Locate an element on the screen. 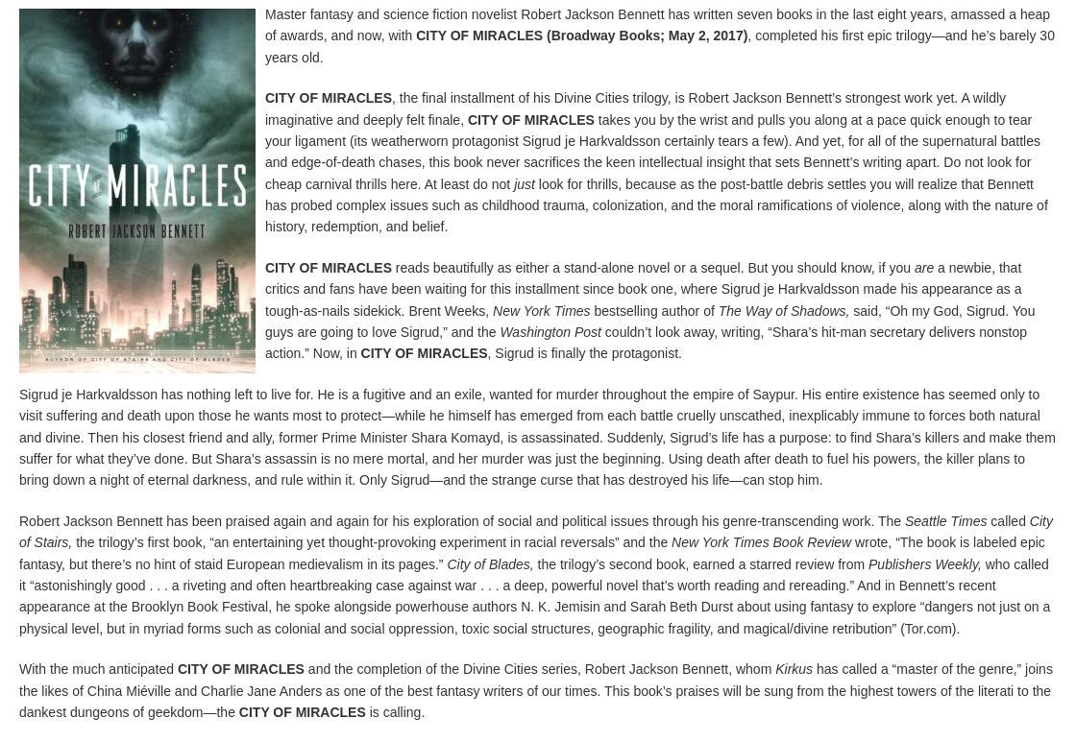  'a newbie, that critics and fans have been waiting for this installment since book one, where Sigrud je Harkvaldsson made his appearance as a tough-as-nails sidekick. Brent Weeks,' is located at coordinates (643, 288).